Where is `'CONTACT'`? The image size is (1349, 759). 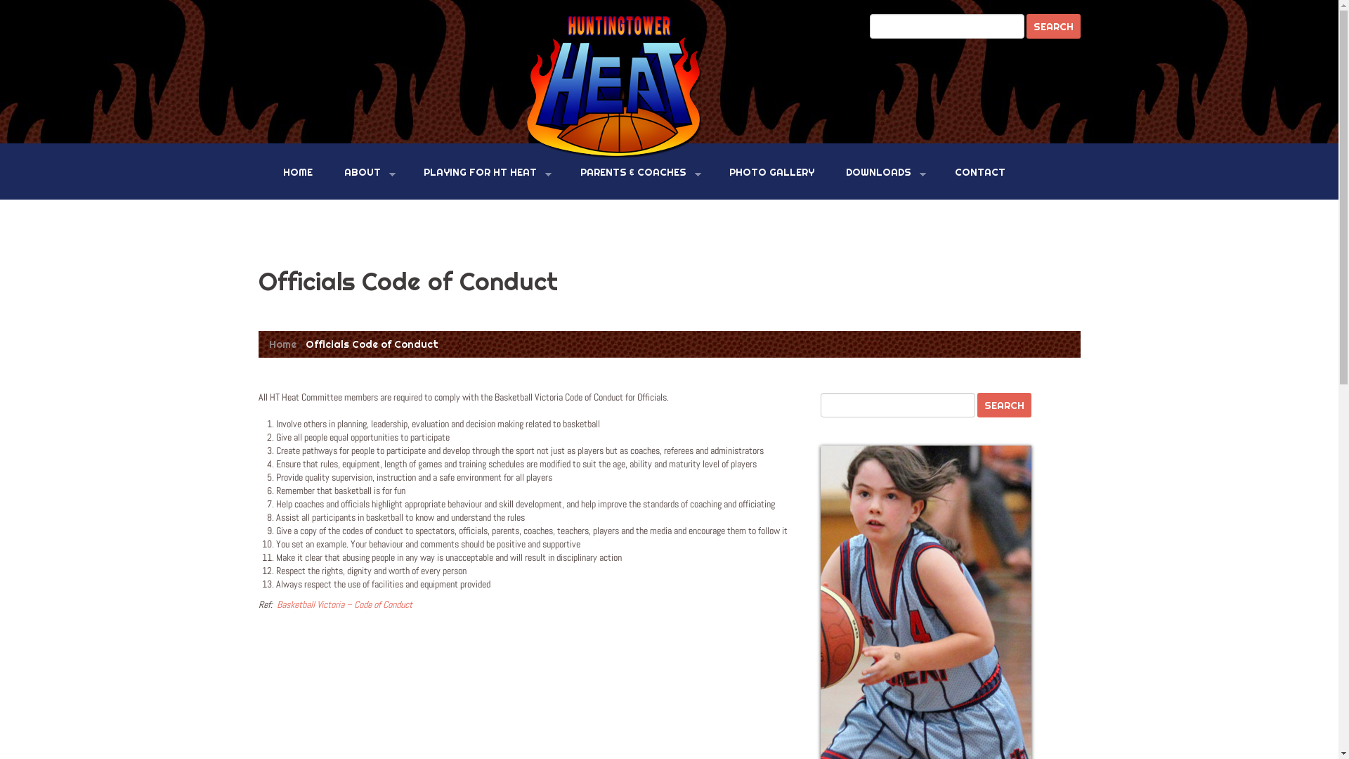 'CONTACT' is located at coordinates (979, 171).